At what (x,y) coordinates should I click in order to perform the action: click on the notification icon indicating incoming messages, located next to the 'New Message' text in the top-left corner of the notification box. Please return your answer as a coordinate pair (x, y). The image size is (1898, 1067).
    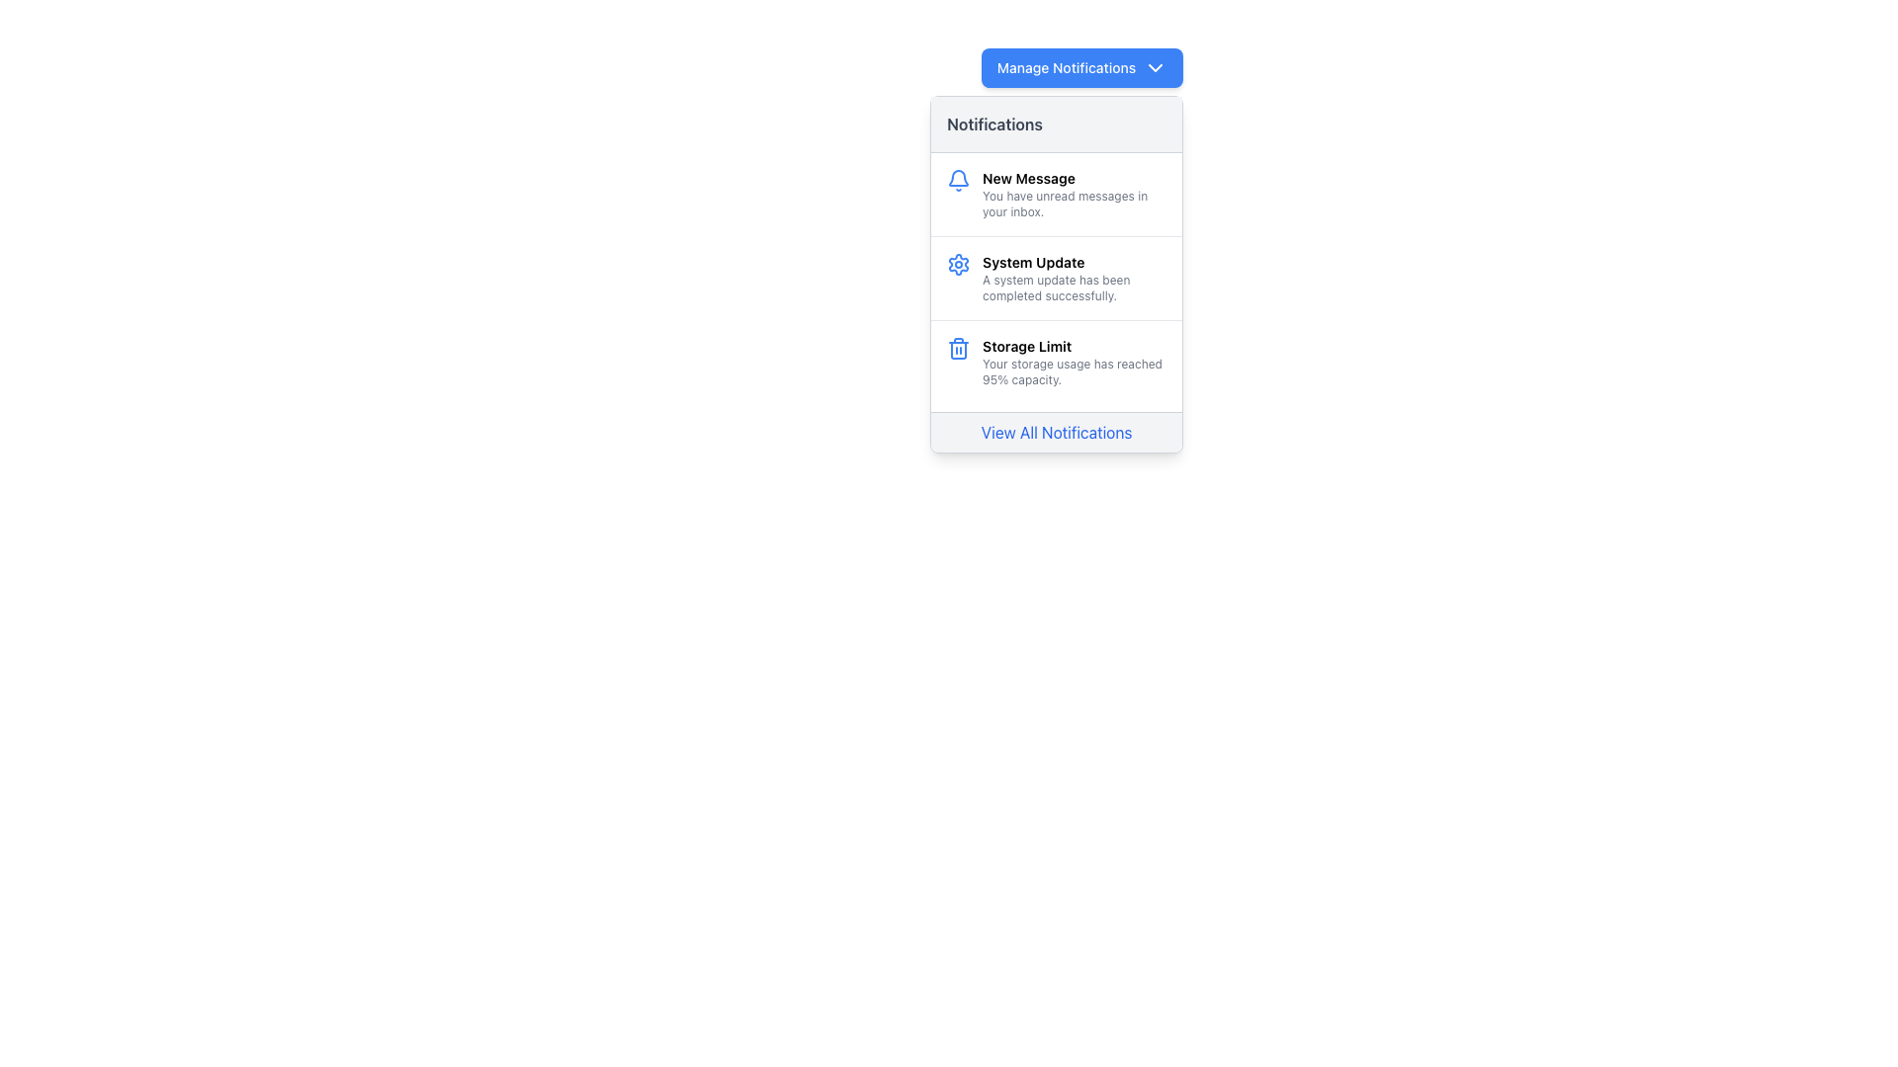
    Looking at the image, I should click on (958, 180).